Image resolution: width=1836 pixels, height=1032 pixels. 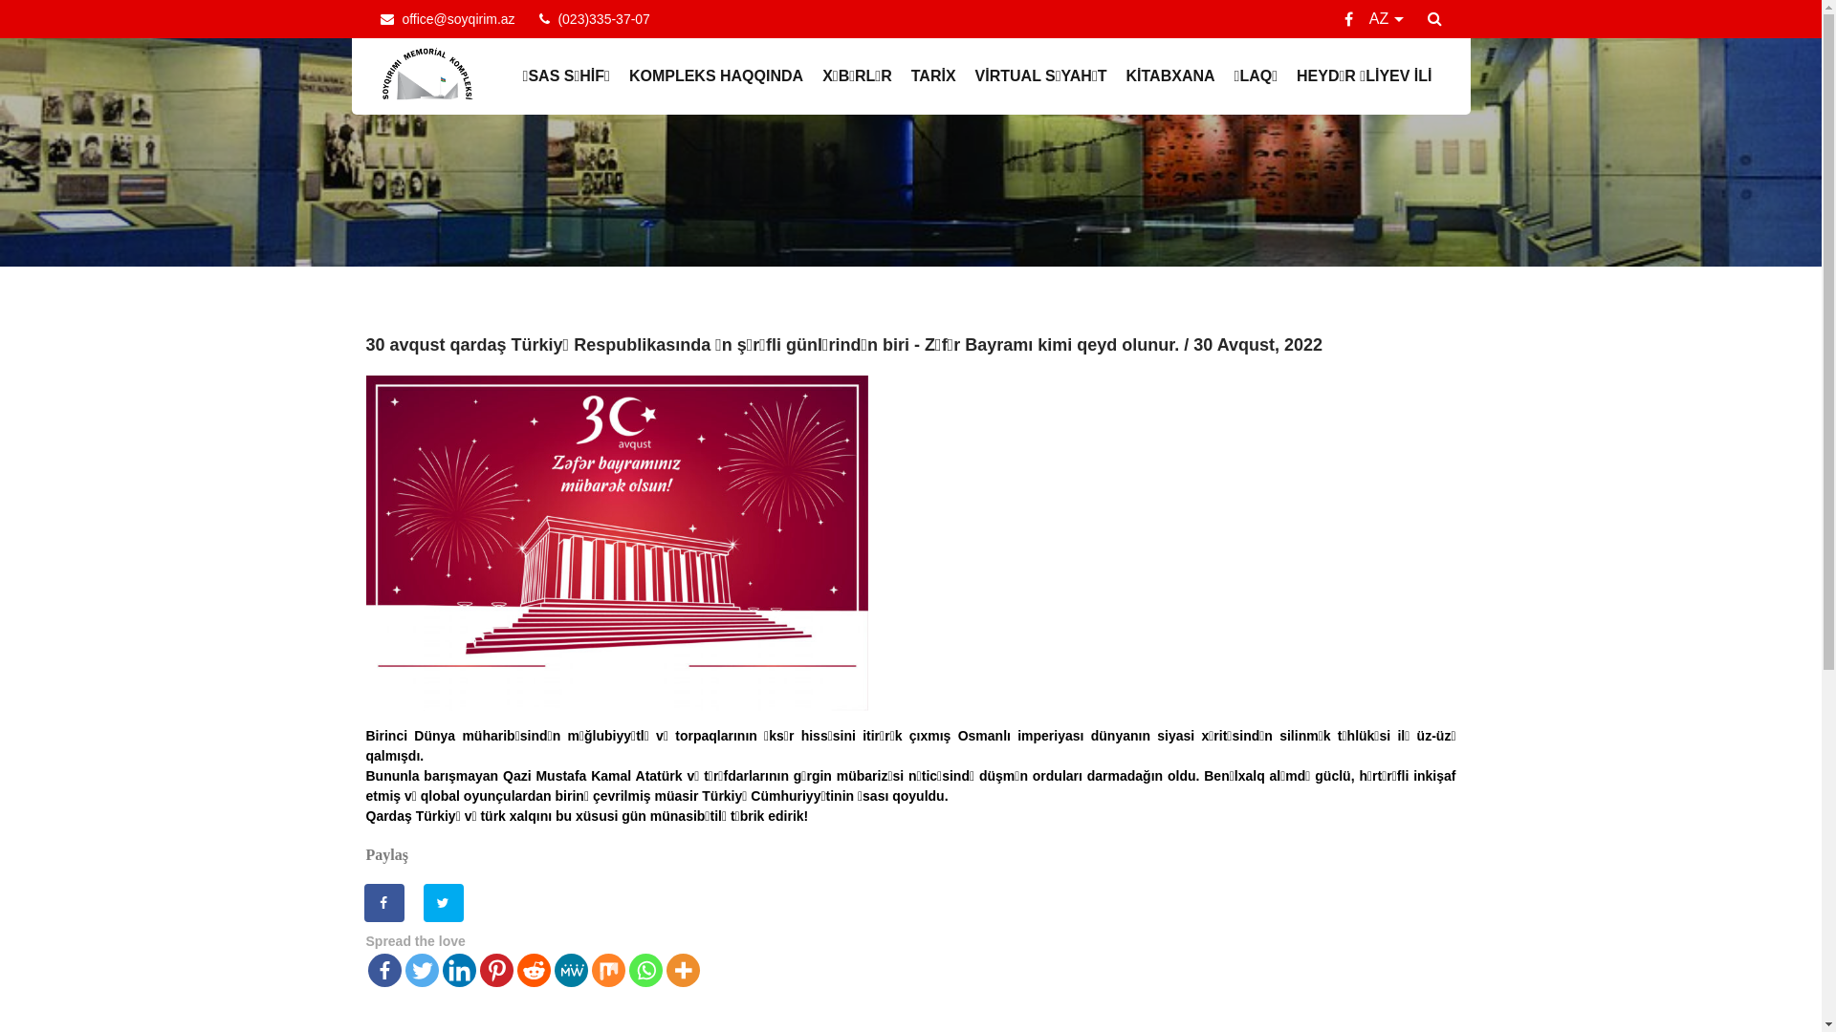 I want to click on 'Twitter', so click(x=421, y=970).